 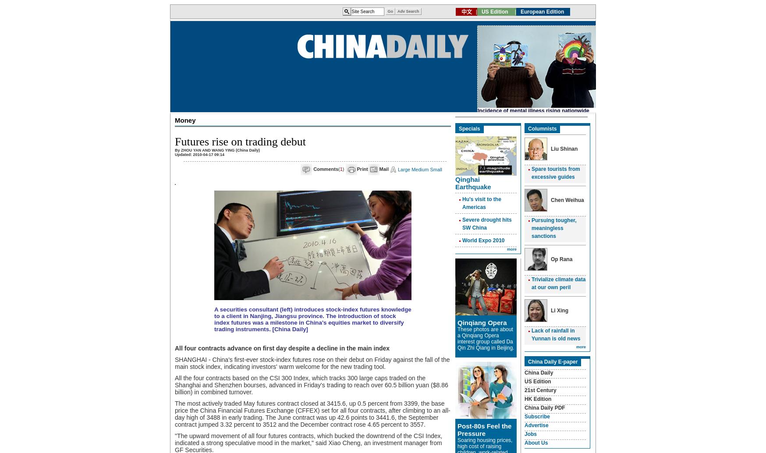 I want to click on 'Qinqiang Opera', so click(x=482, y=322).